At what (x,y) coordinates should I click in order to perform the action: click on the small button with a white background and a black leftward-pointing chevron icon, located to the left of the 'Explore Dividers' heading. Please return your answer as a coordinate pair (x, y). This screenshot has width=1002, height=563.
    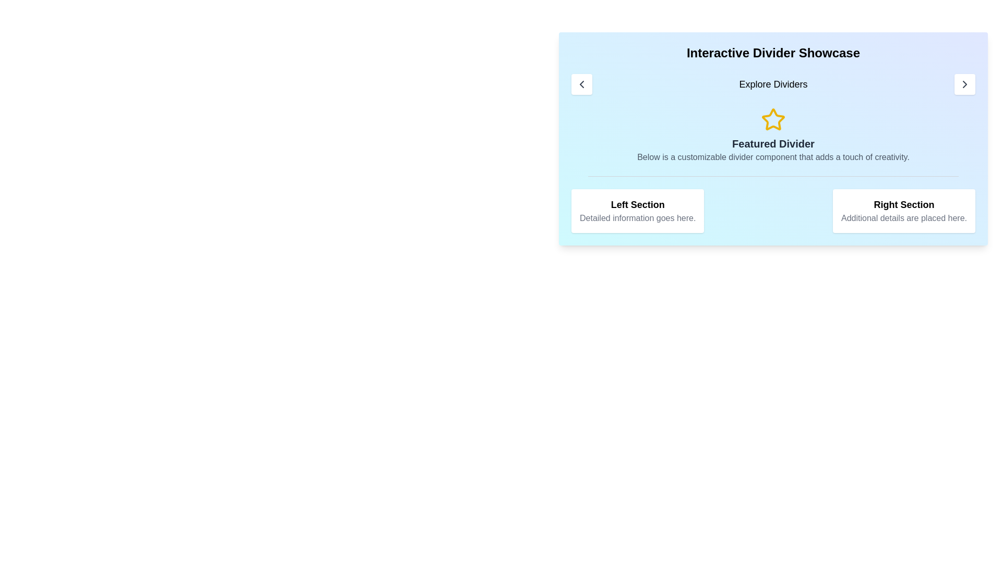
    Looking at the image, I should click on (581, 84).